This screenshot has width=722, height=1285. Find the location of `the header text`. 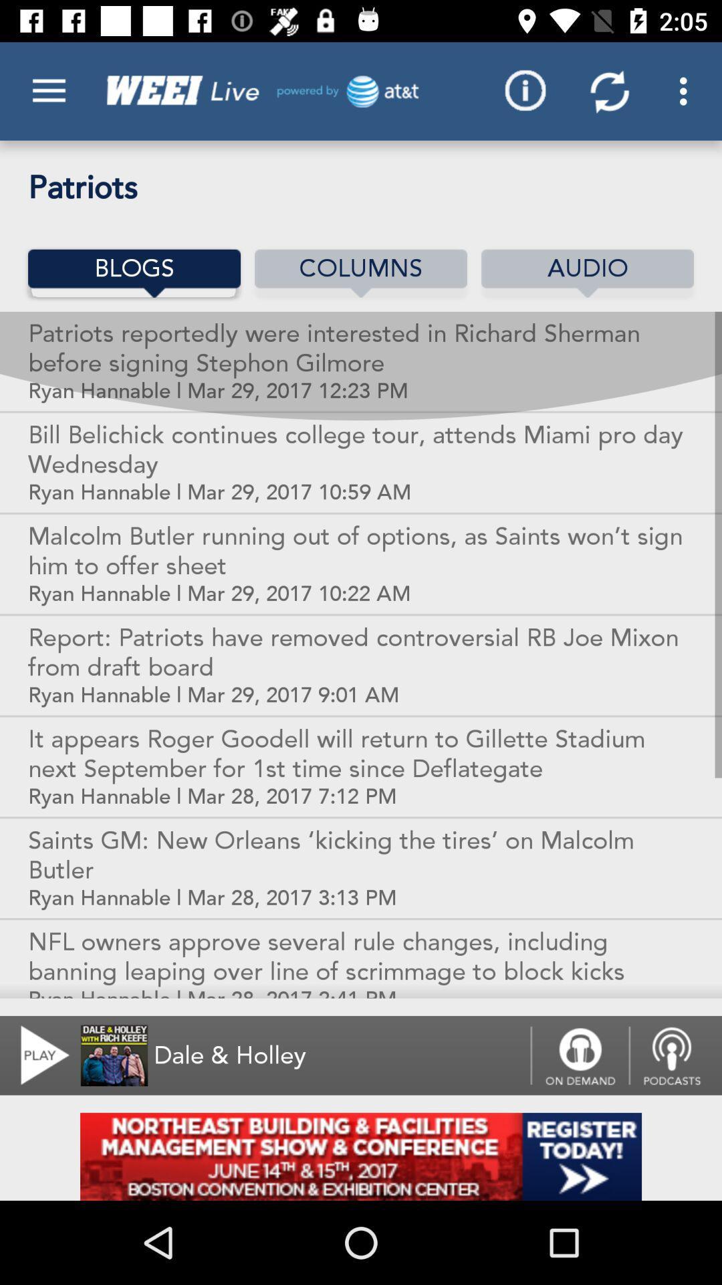

the header text is located at coordinates (258, 90).